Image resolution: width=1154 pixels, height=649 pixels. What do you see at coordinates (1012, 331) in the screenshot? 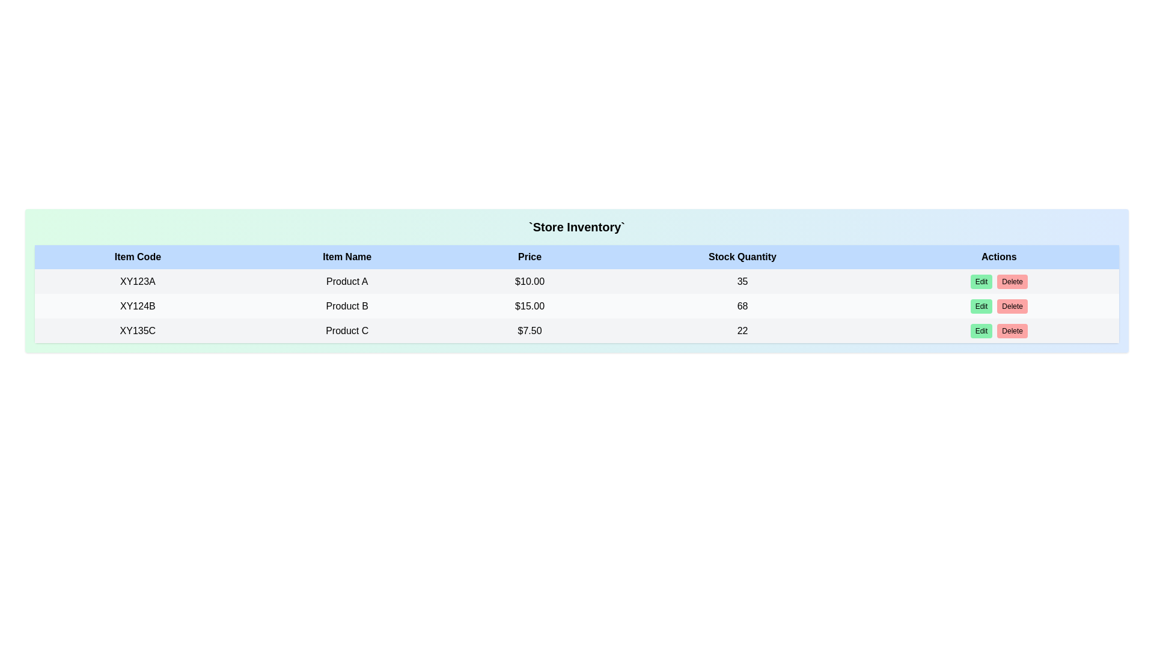
I see `the 'Delete' button located in the rightmost column of the last row in the table to observe the color change` at bounding box center [1012, 331].